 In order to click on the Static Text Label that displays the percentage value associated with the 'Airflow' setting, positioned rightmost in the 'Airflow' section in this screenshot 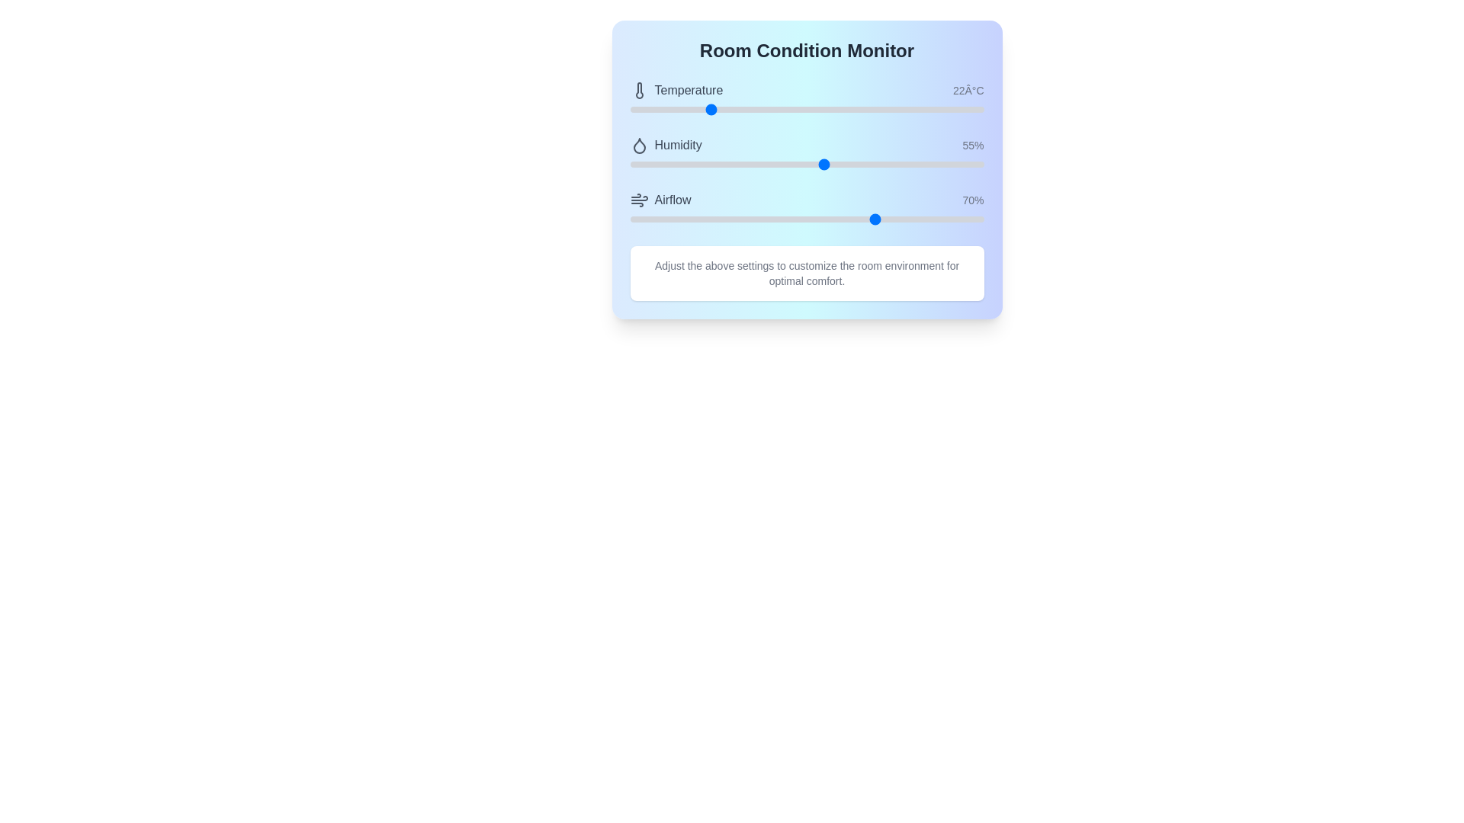, I will do `click(972, 199)`.